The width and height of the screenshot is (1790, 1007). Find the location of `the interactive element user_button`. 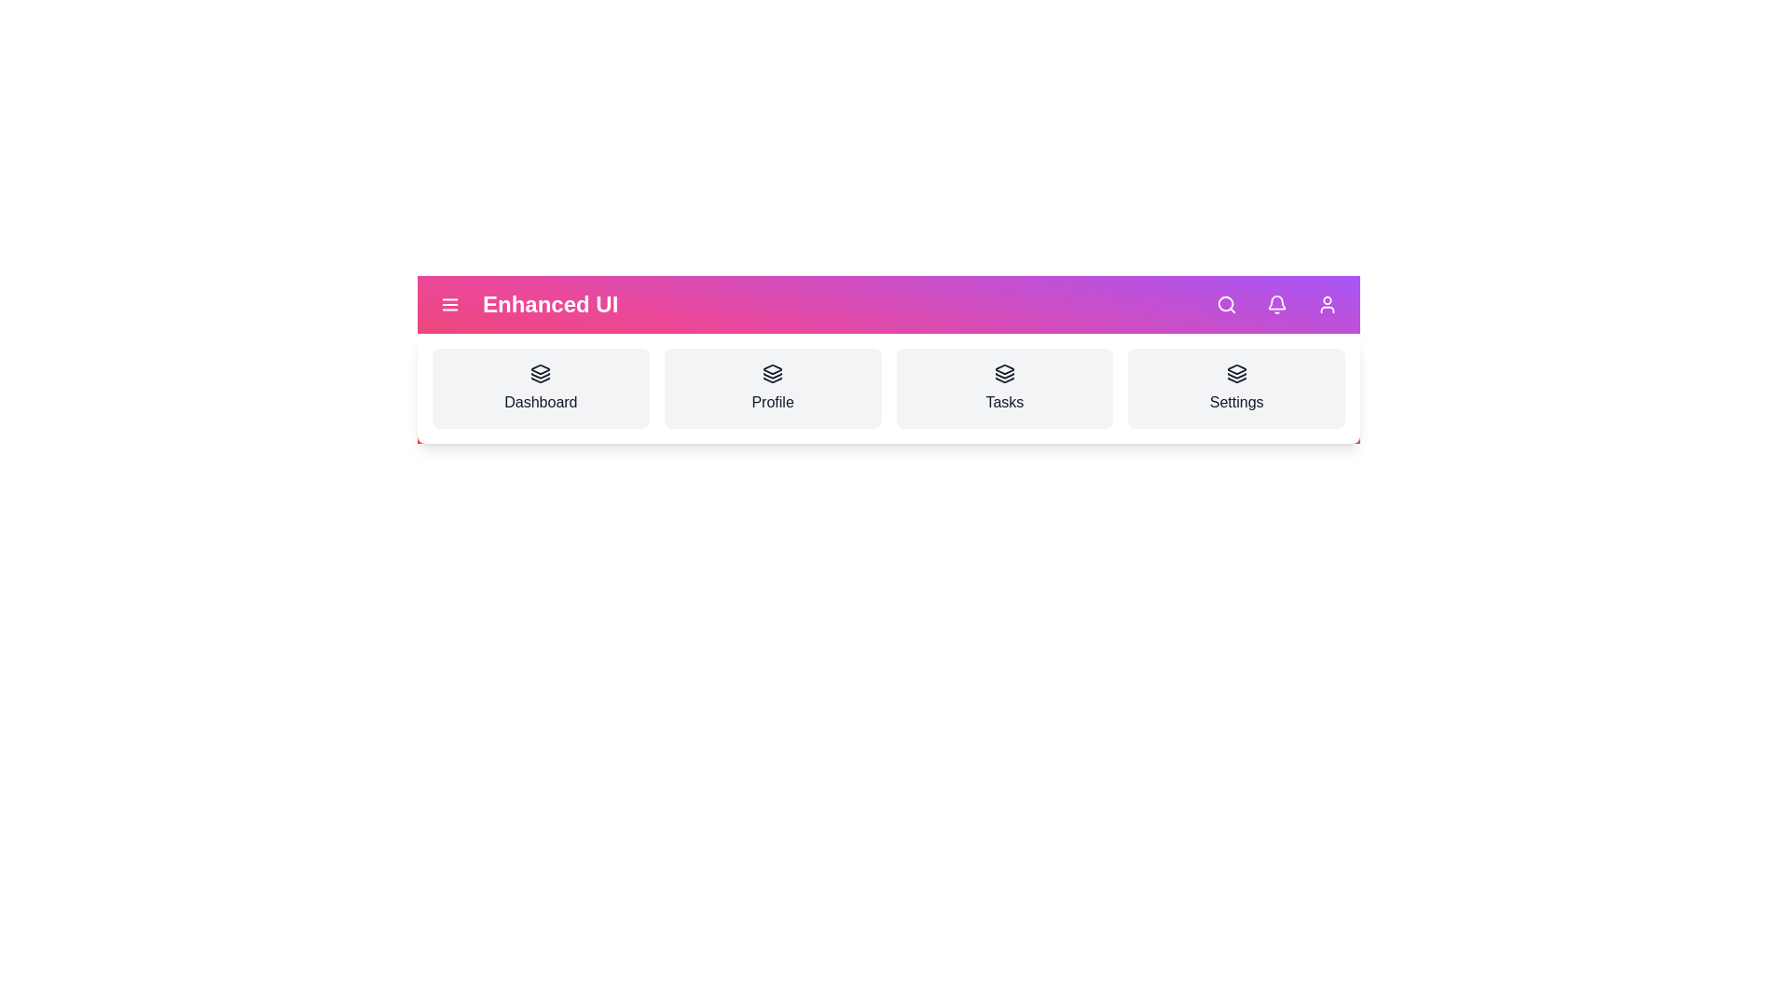

the interactive element user_button is located at coordinates (1327, 304).